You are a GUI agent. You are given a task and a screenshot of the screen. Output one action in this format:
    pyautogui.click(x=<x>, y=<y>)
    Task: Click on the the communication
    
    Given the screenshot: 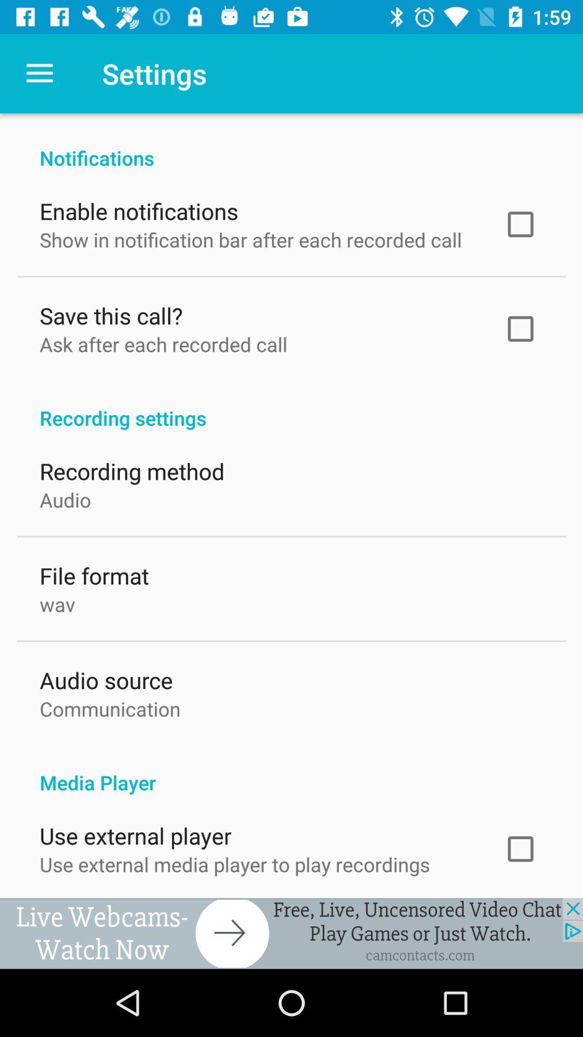 What is the action you would take?
    pyautogui.click(x=110, y=706)
    